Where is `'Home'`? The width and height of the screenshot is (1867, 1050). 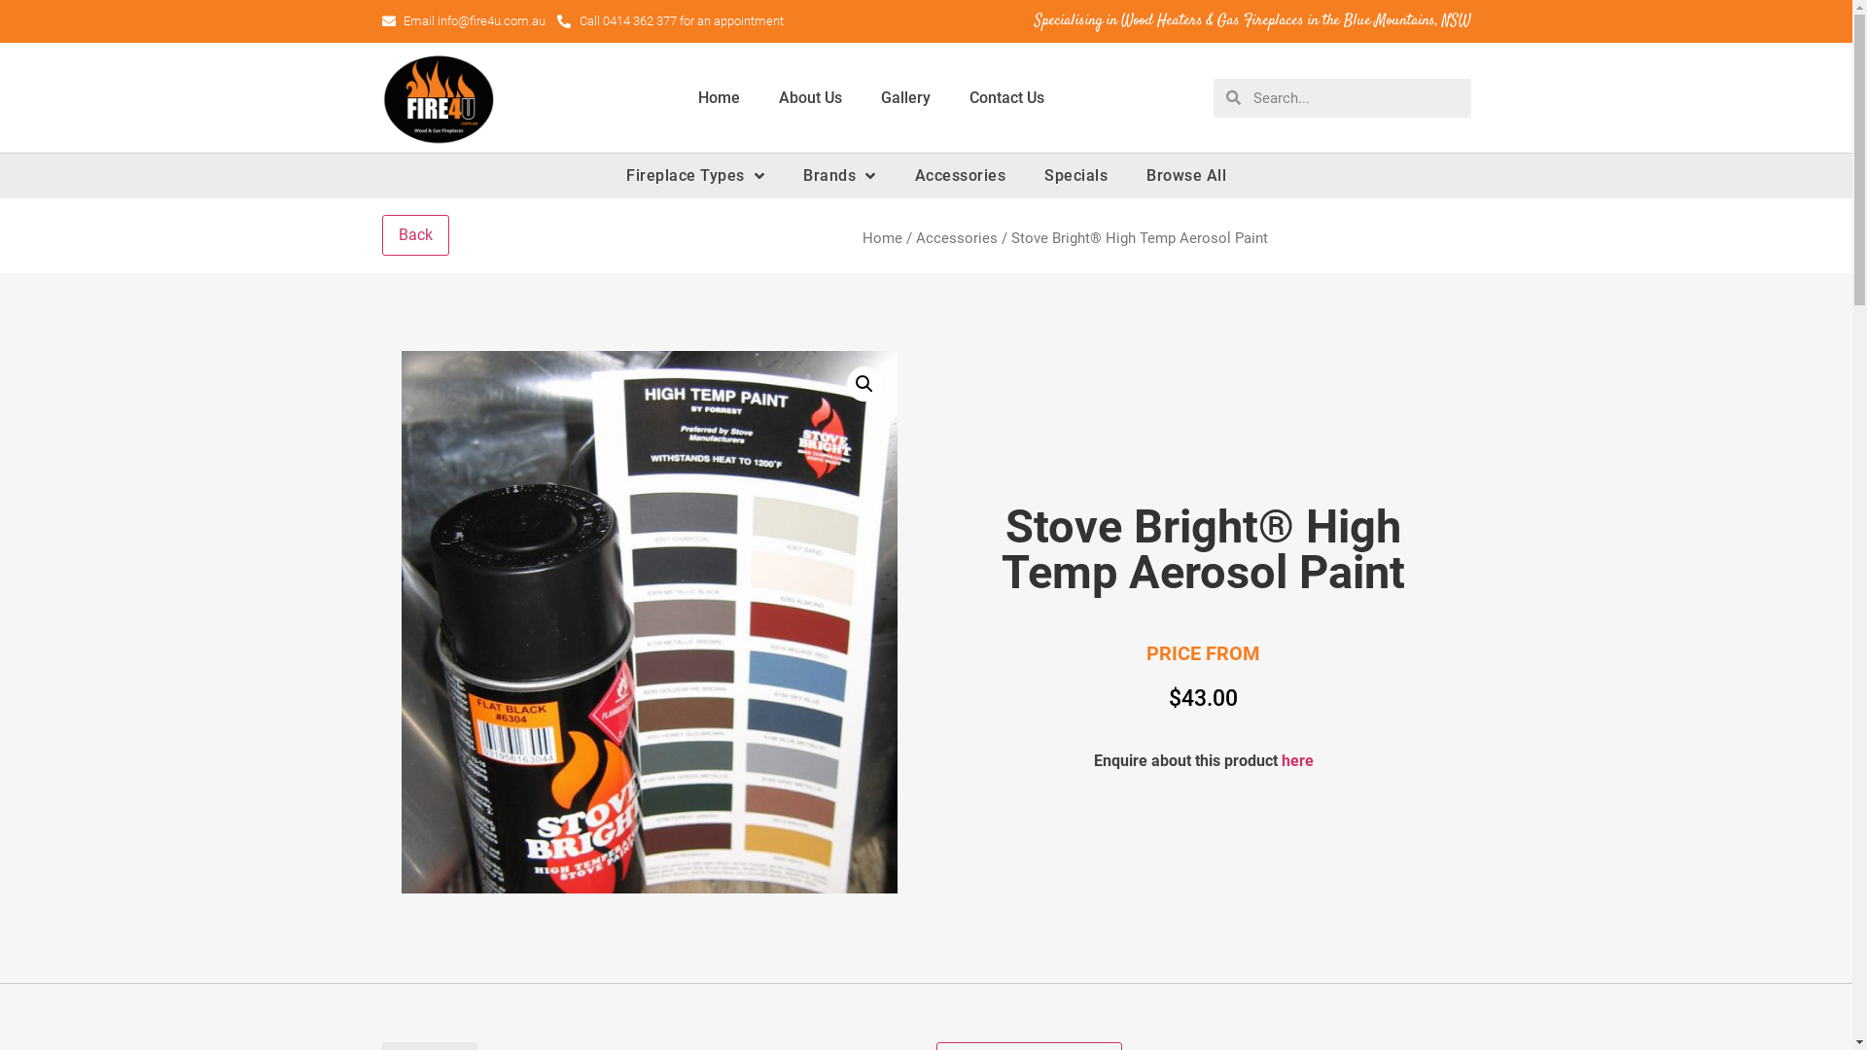 'Home' is located at coordinates (718, 97).